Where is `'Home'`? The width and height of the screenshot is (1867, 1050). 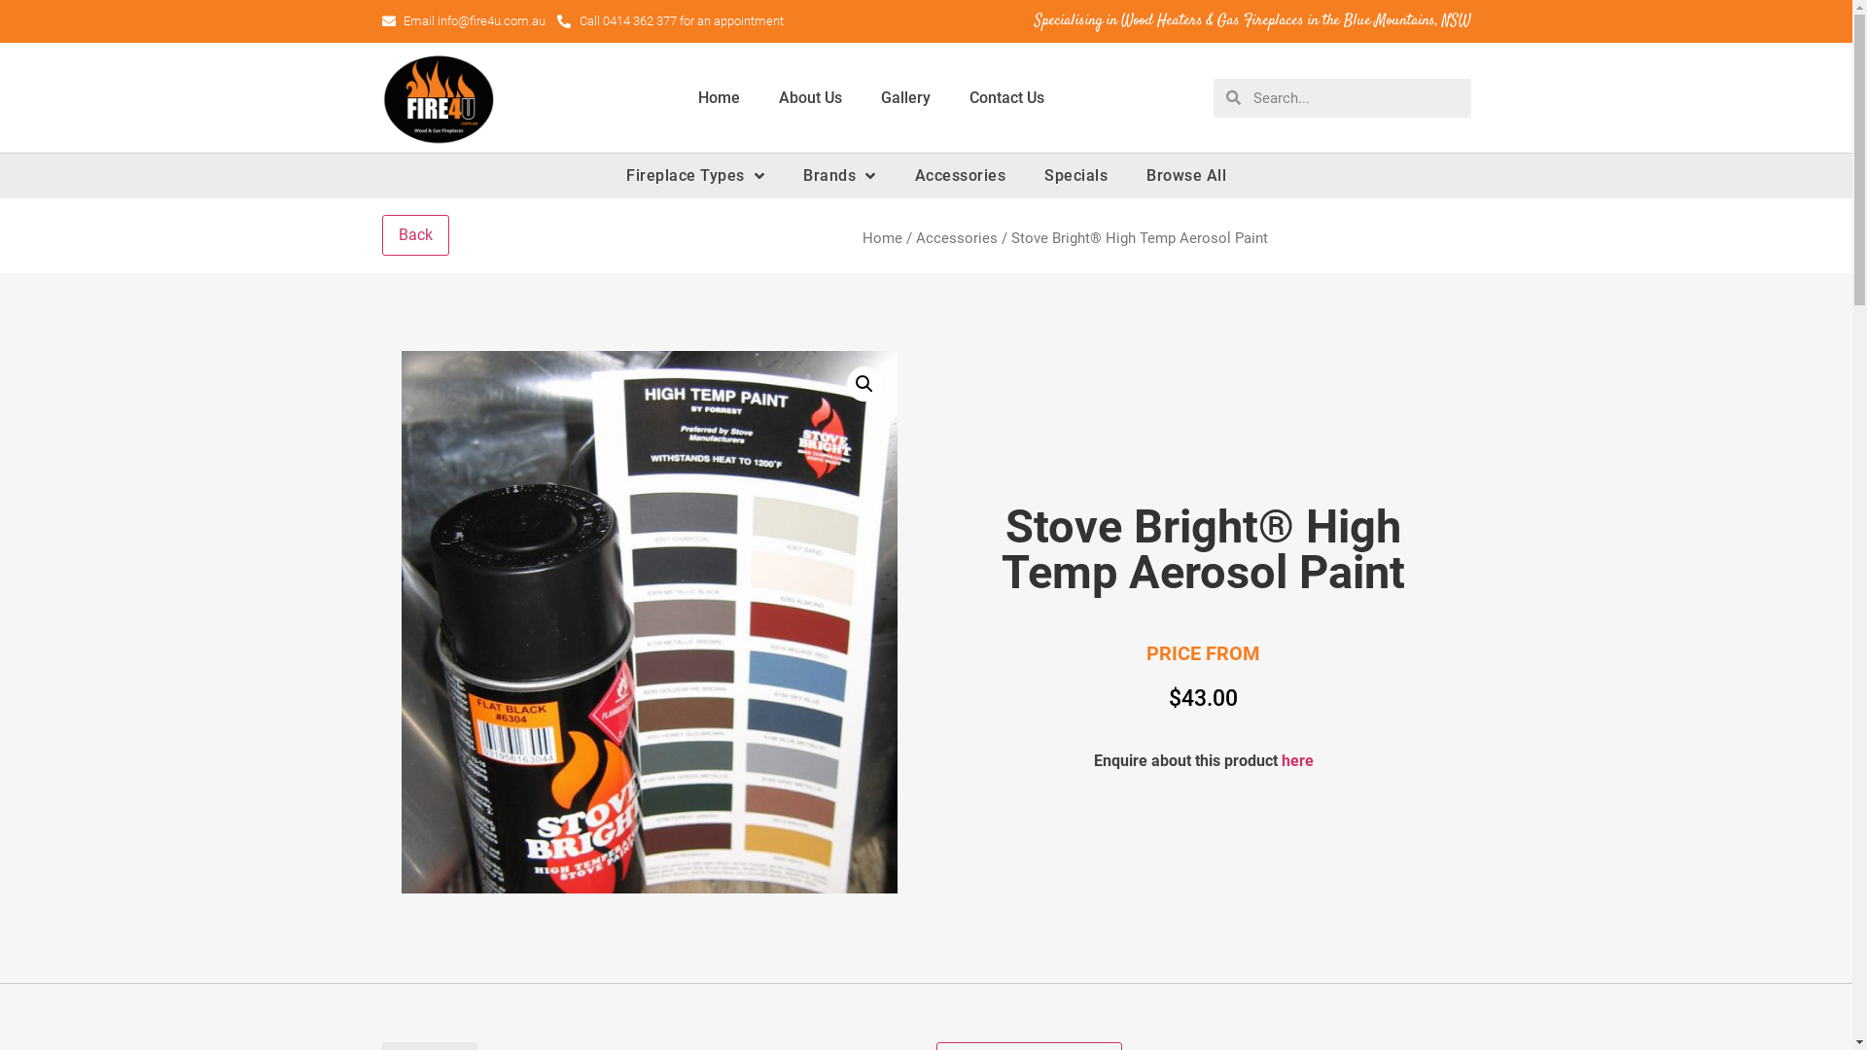 'Home' is located at coordinates (718, 97).